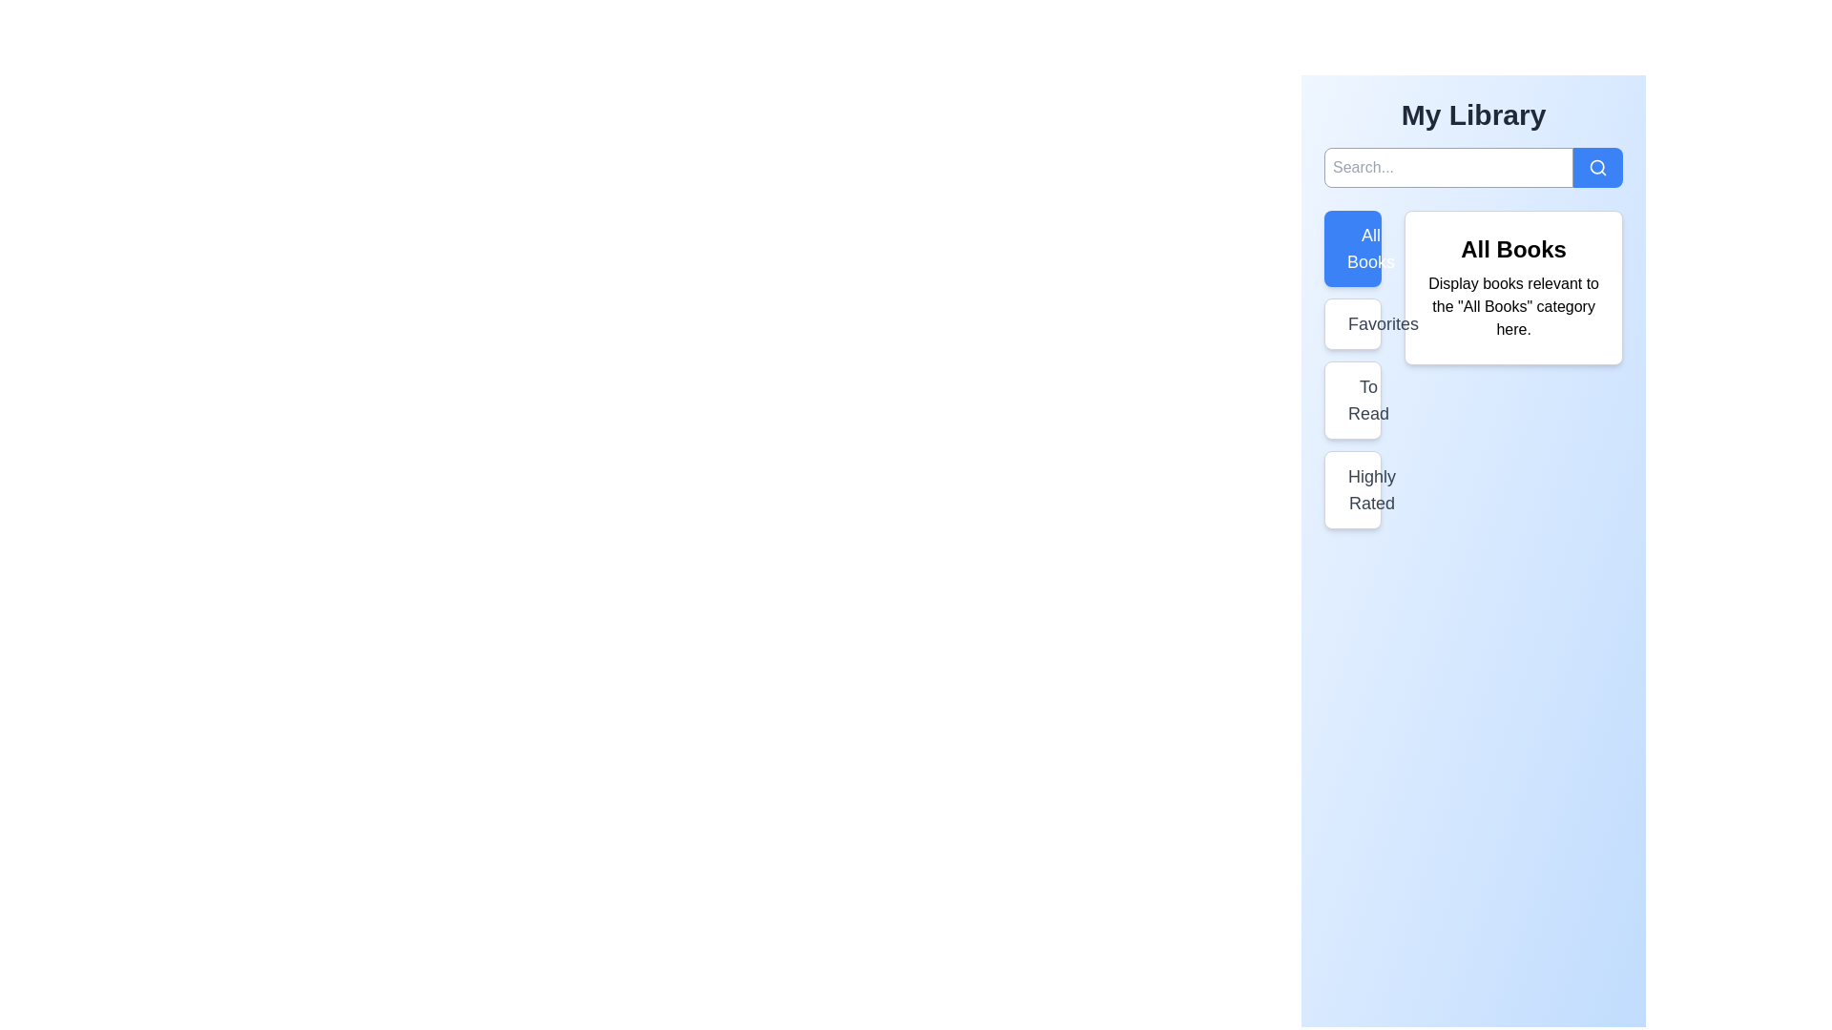  I want to click on the 'Favorites' button, which is styled with a white background and gray text, located in the left-side panel under 'My Library', so click(1352, 322).